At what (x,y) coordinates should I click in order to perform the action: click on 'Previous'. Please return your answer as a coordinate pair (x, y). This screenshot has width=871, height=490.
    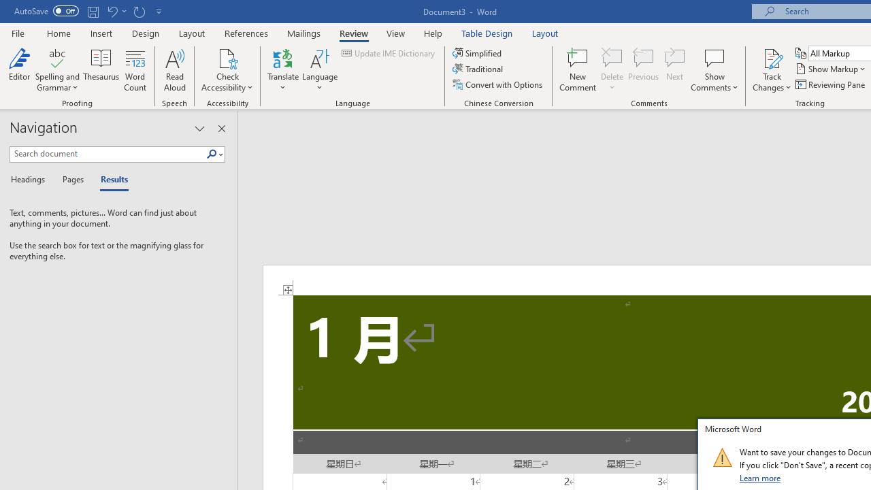
    Looking at the image, I should click on (643, 70).